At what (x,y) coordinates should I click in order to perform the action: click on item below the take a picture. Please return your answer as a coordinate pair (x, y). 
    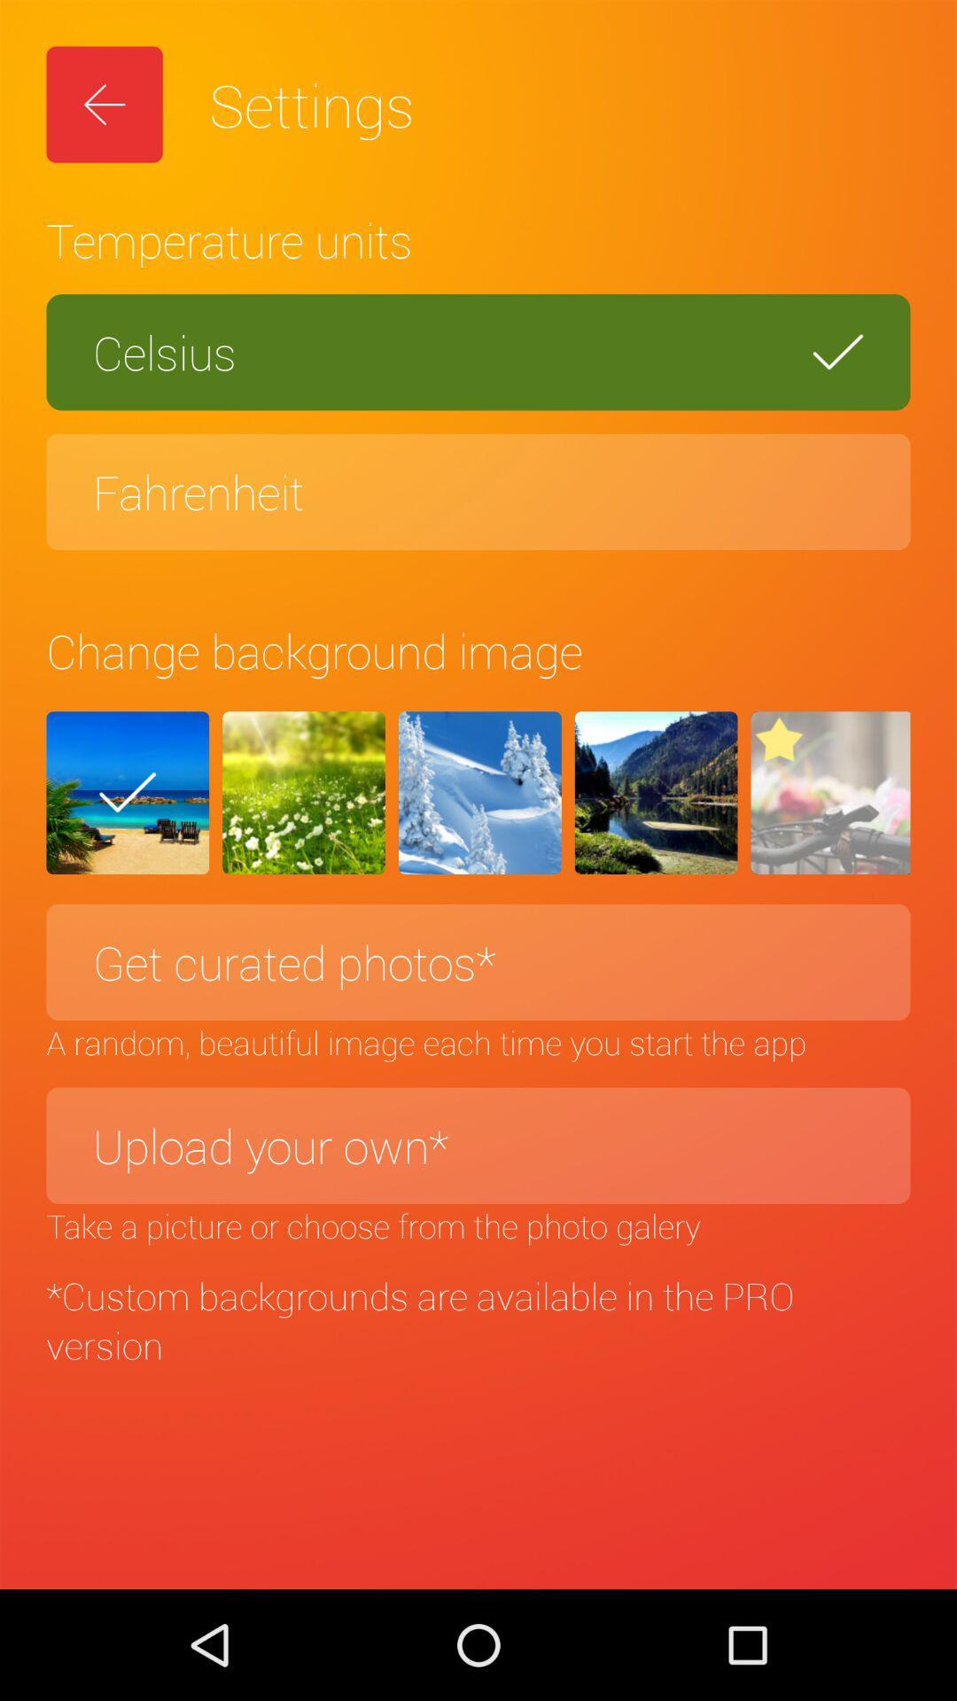
    Looking at the image, I should click on (478, 1320).